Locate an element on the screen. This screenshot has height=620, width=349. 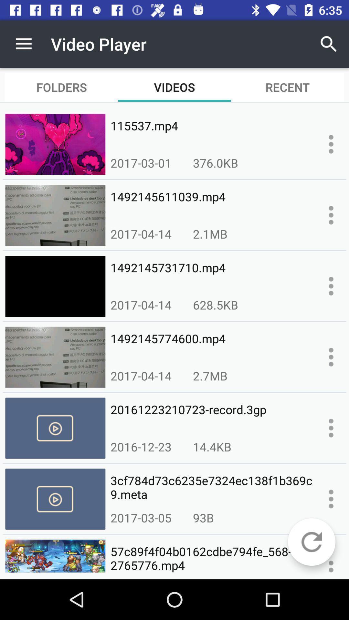
the icon above 3cf784d73c6235e7324ec138f1b369c9.meta item is located at coordinates (141, 446).